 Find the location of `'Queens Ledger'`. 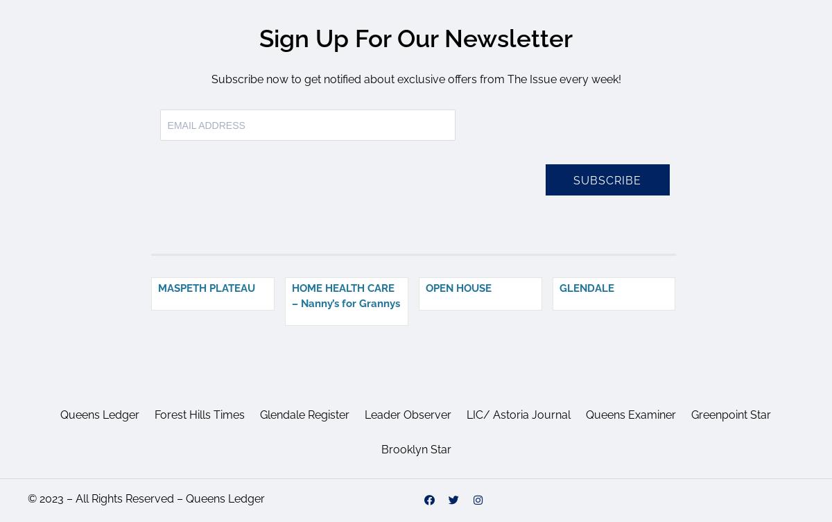

'Queens Ledger' is located at coordinates (100, 414).